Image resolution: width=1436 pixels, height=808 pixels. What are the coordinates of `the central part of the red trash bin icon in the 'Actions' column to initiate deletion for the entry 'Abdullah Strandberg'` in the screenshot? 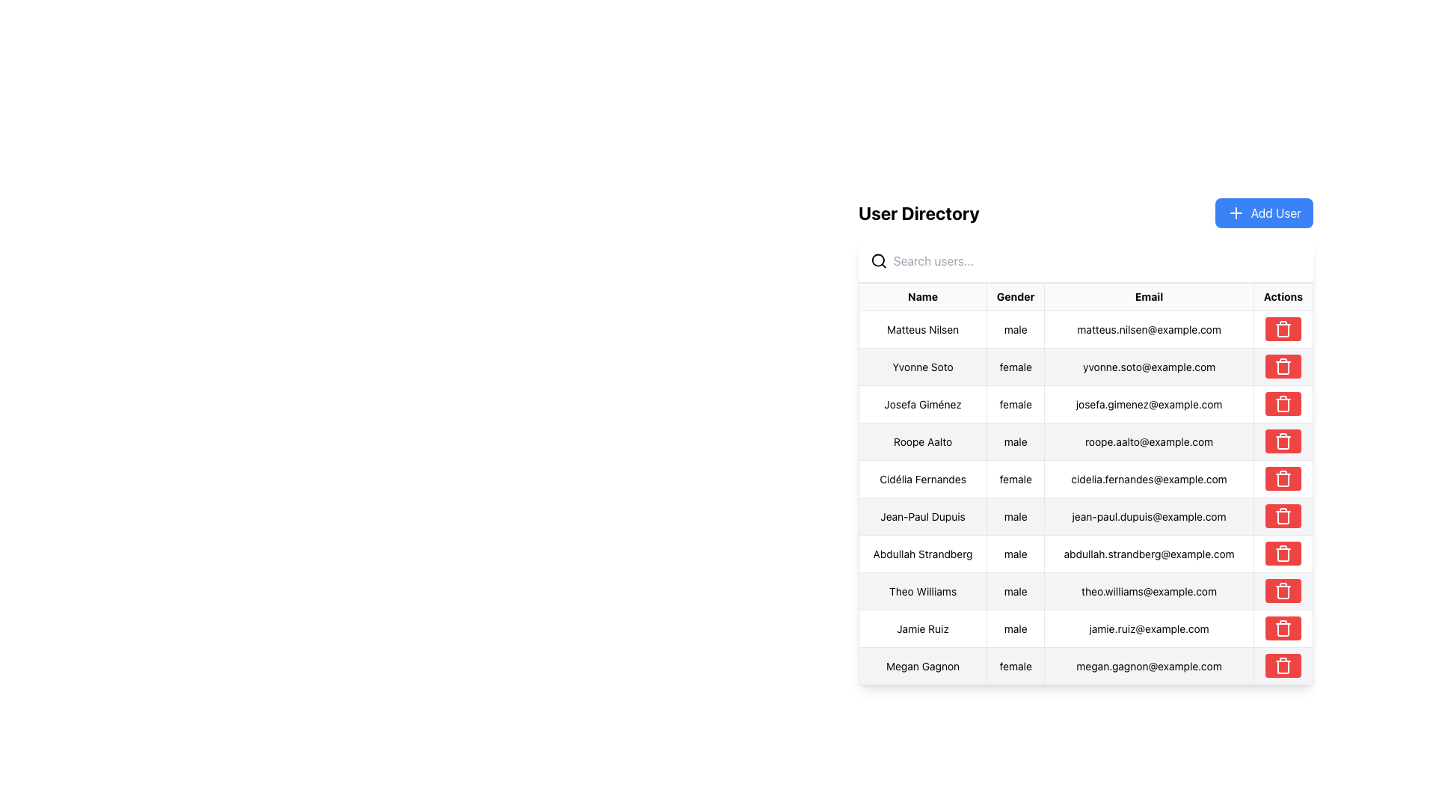 It's located at (1282, 554).